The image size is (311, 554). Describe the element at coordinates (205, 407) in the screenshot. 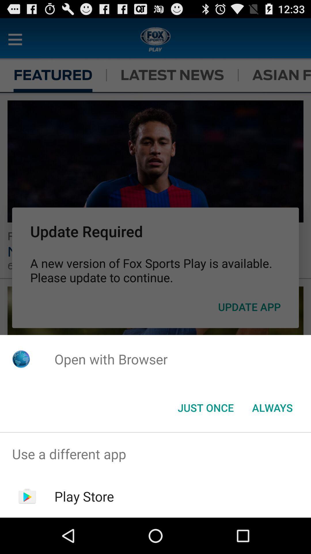

I see `the item below open with browser` at that location.